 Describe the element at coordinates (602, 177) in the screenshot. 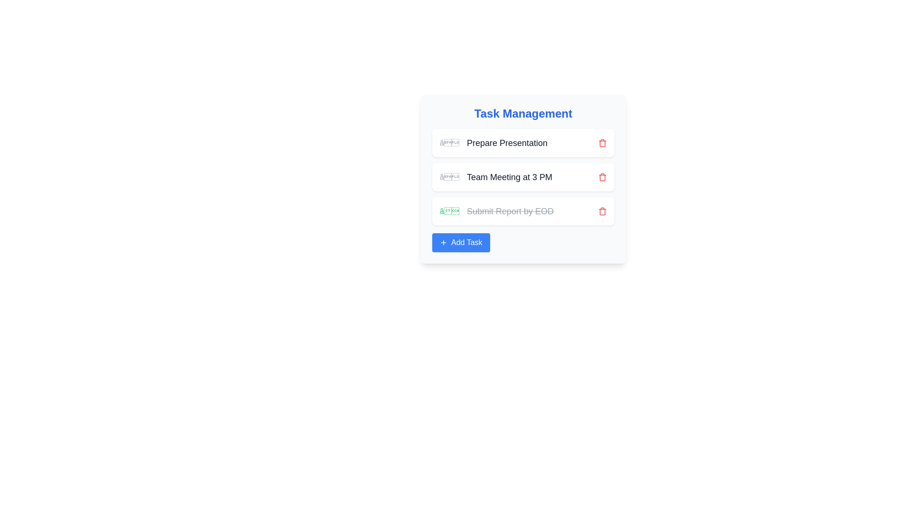

I see `the delete button for the 'Team Meeting at 3 PM' task` at that location.